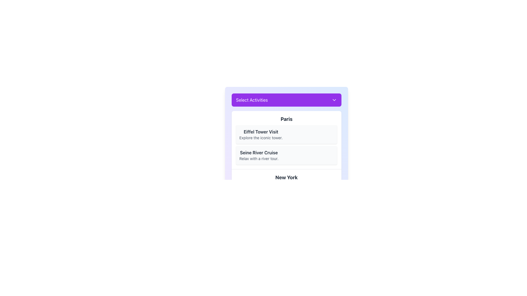  Describe the element at coordinates (259, 152) in the screenshot. I see `the text label that serves as the title for an activity option in the 'Paris' section, located between 'Eiffel Tower Visit' and 'Relax with a river tour.'` at that location.